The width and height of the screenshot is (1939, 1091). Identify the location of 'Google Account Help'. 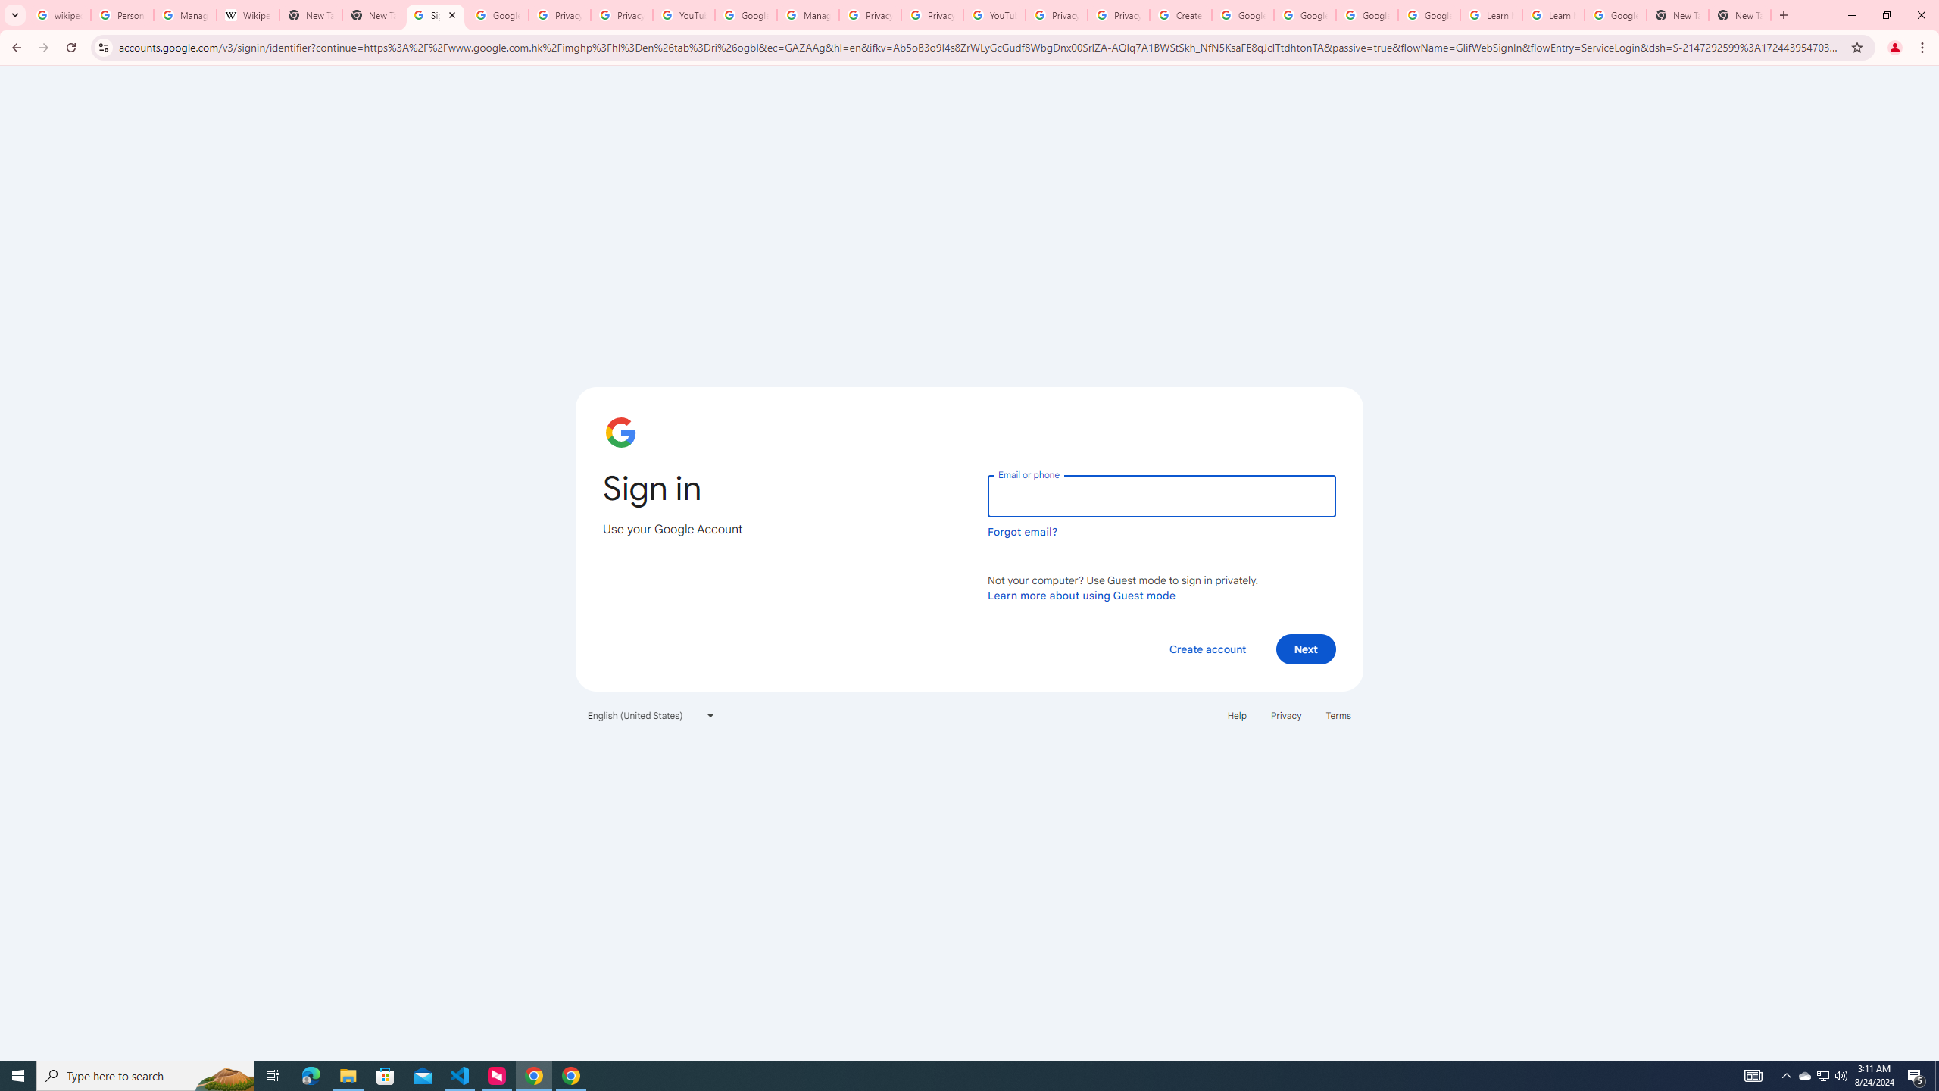
(1241, 14).